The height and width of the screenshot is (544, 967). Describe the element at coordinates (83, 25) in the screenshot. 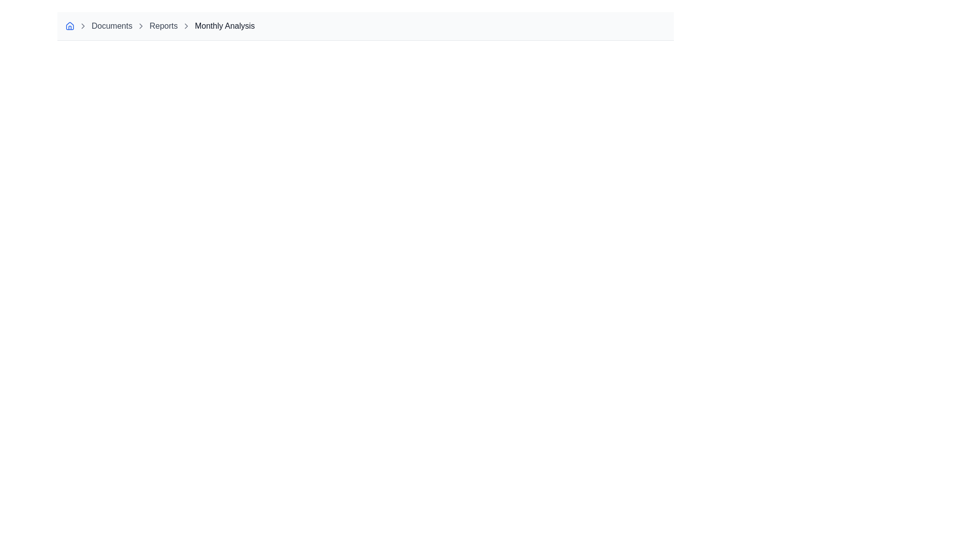

I see `the chevron icon in the breadcrumb navigation that separates 'Documents' and 'Reports' for navigation actions` at that location.